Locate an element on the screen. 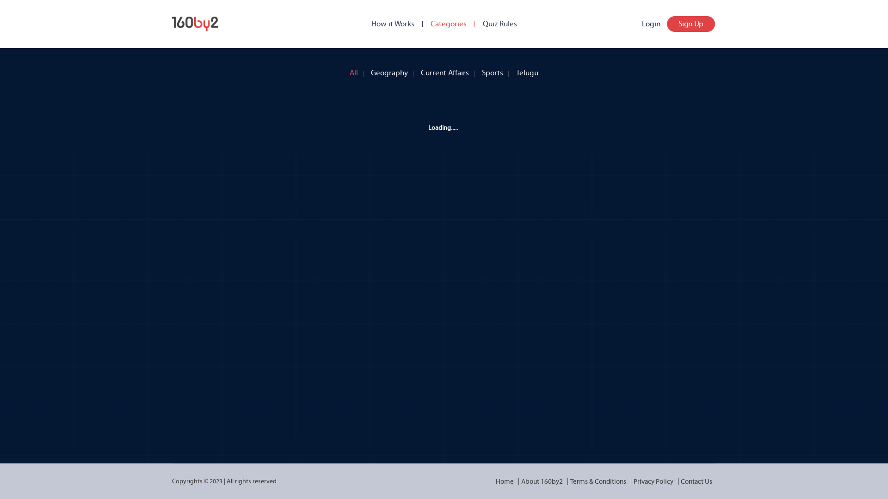 This screenshot has width=888, height=499. 'Login' is located at coordinates (650, 23).